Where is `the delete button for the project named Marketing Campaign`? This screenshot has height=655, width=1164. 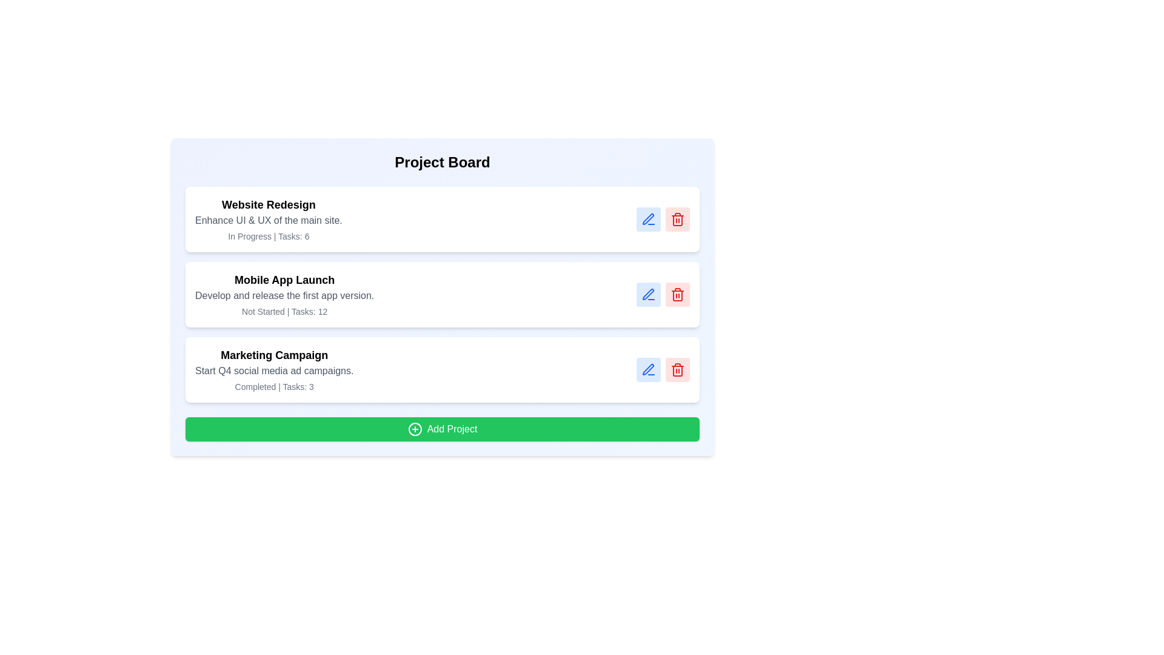 the delete button for the project named Marketing Campaign is located at coordinates (677, 369).